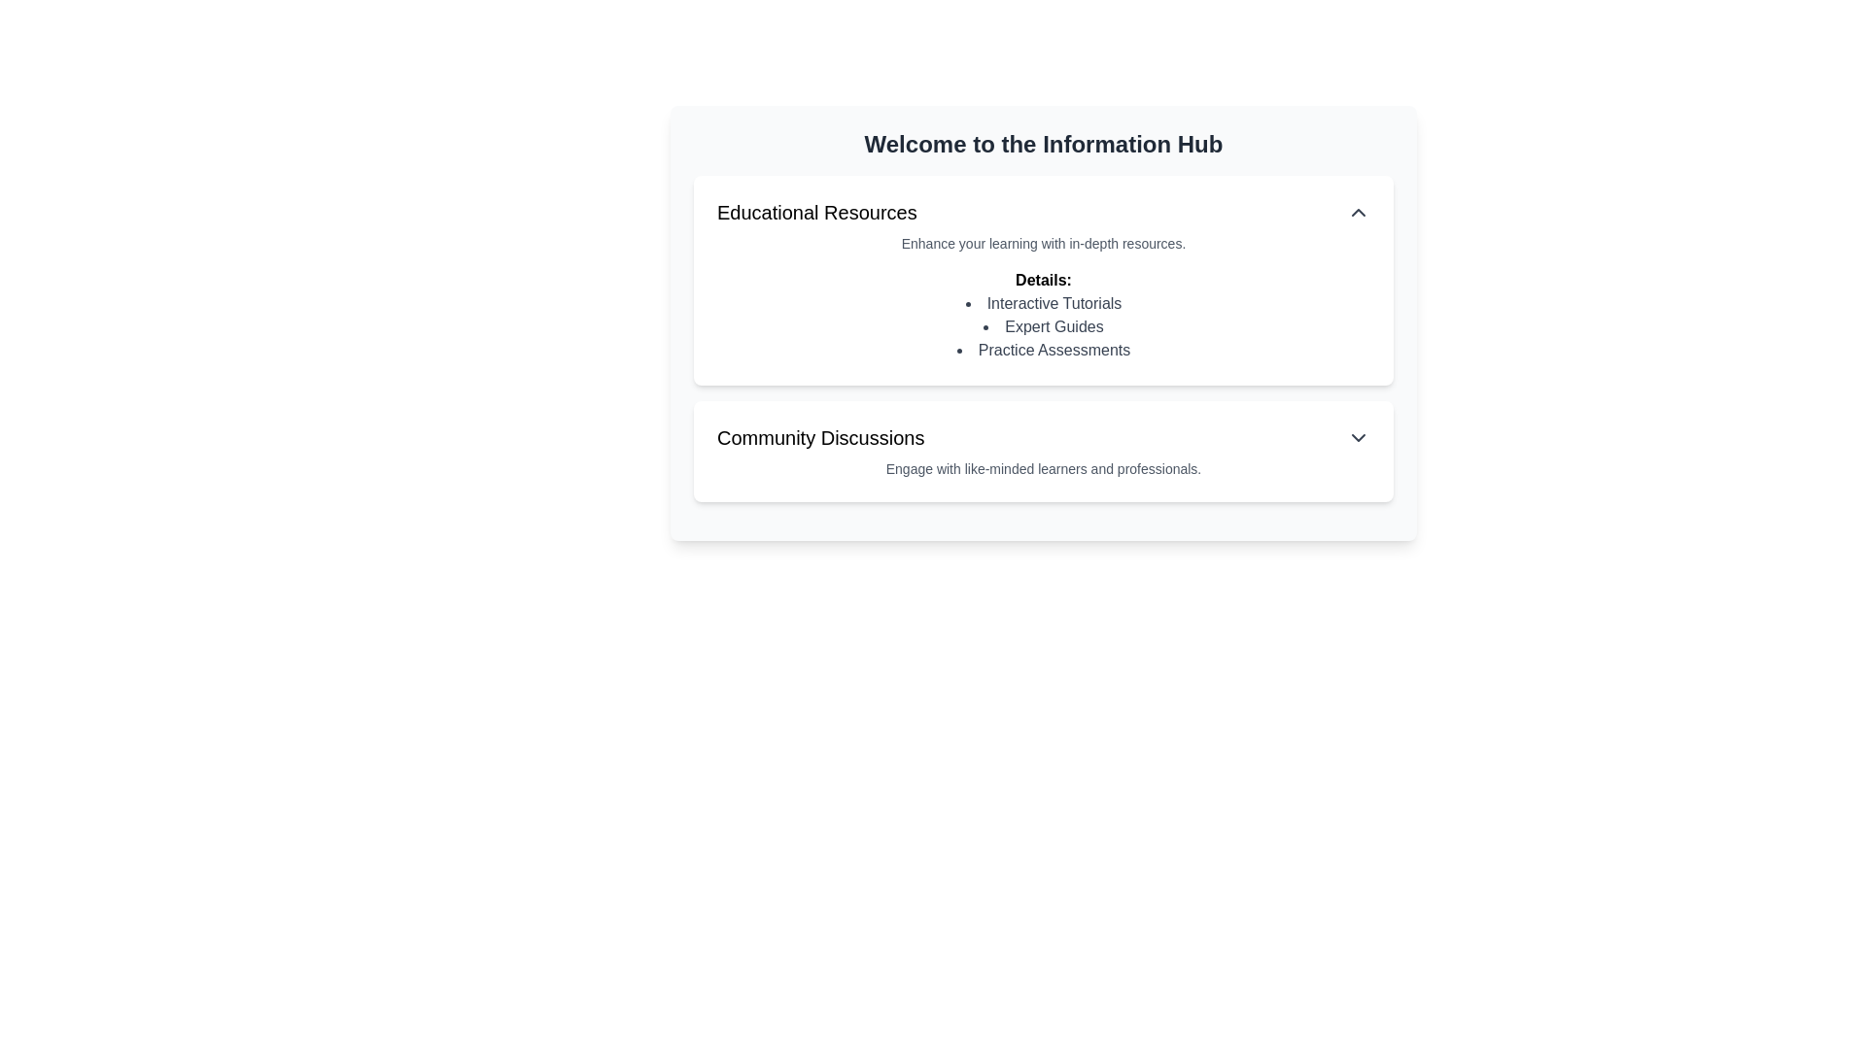  I want to click on the Text block that provides supplementary information under the 'Educational Resources' section, located directly below the 'Educational Resources' heading, so click(1043, 242).